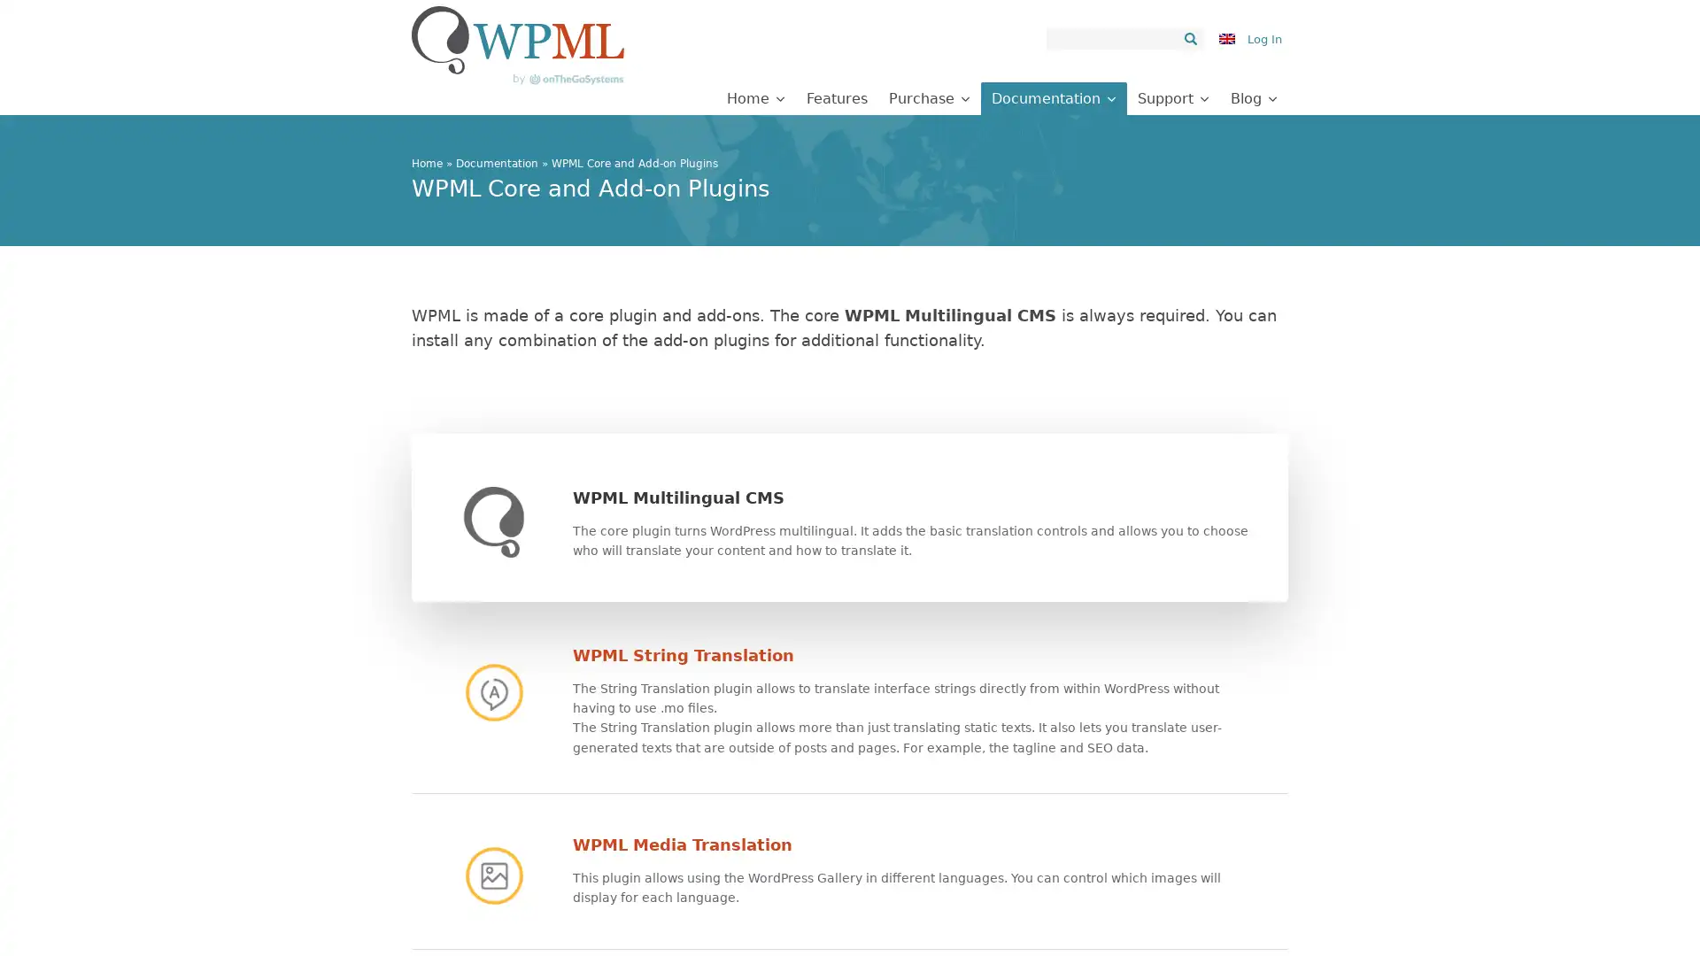  I want to click on Search, so click(1190, 38).